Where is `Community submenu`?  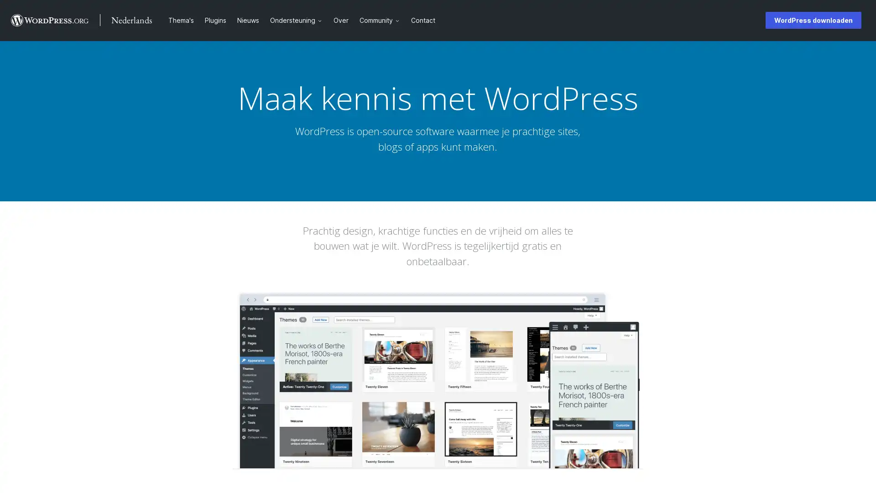
Community submenu is located at coordinates (400, 20).